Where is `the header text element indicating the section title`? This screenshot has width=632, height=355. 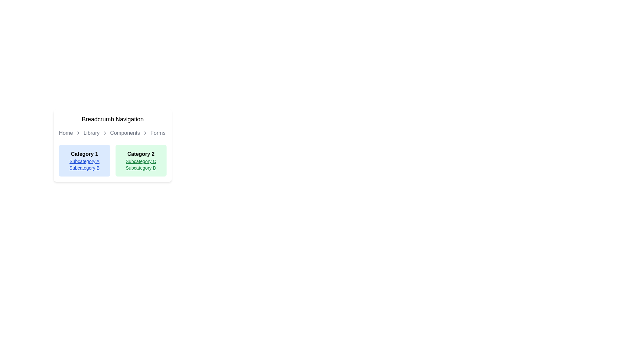 the header text element indicating the section title is located at coordinates (113, 119).